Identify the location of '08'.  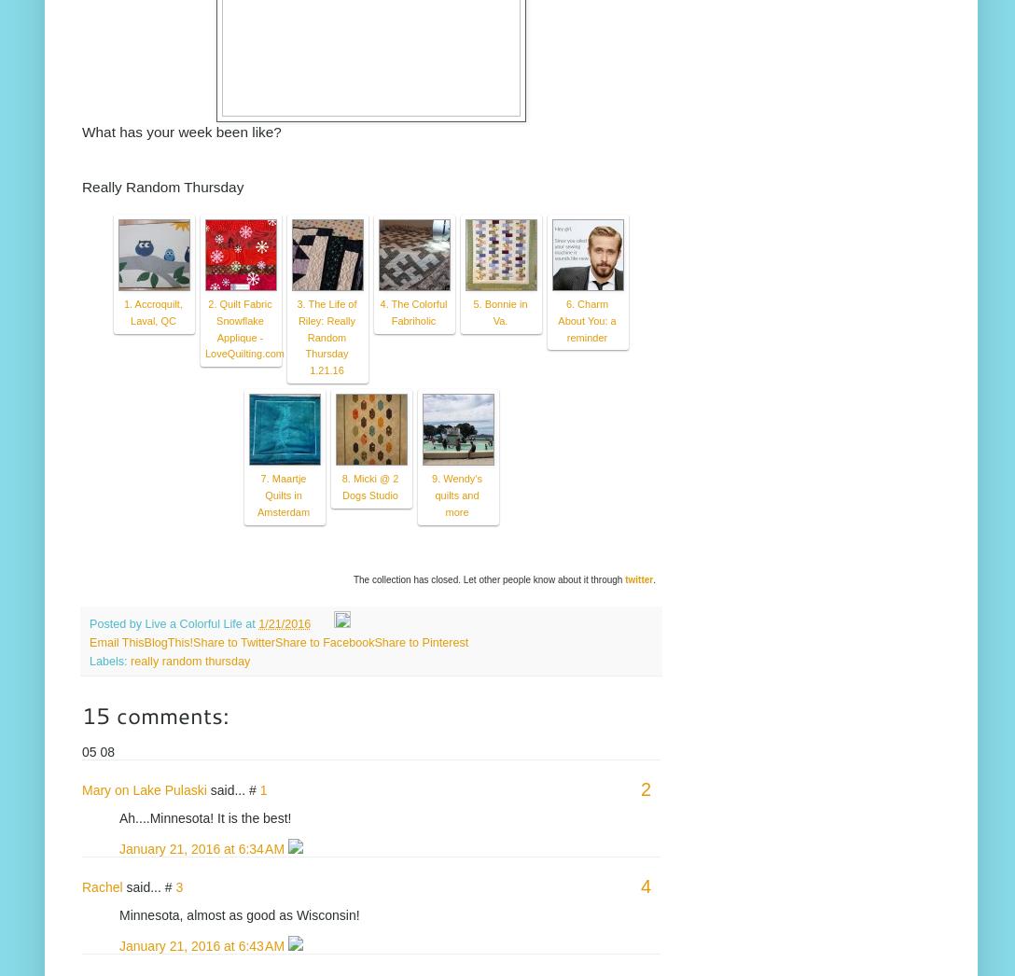
(107, 752).